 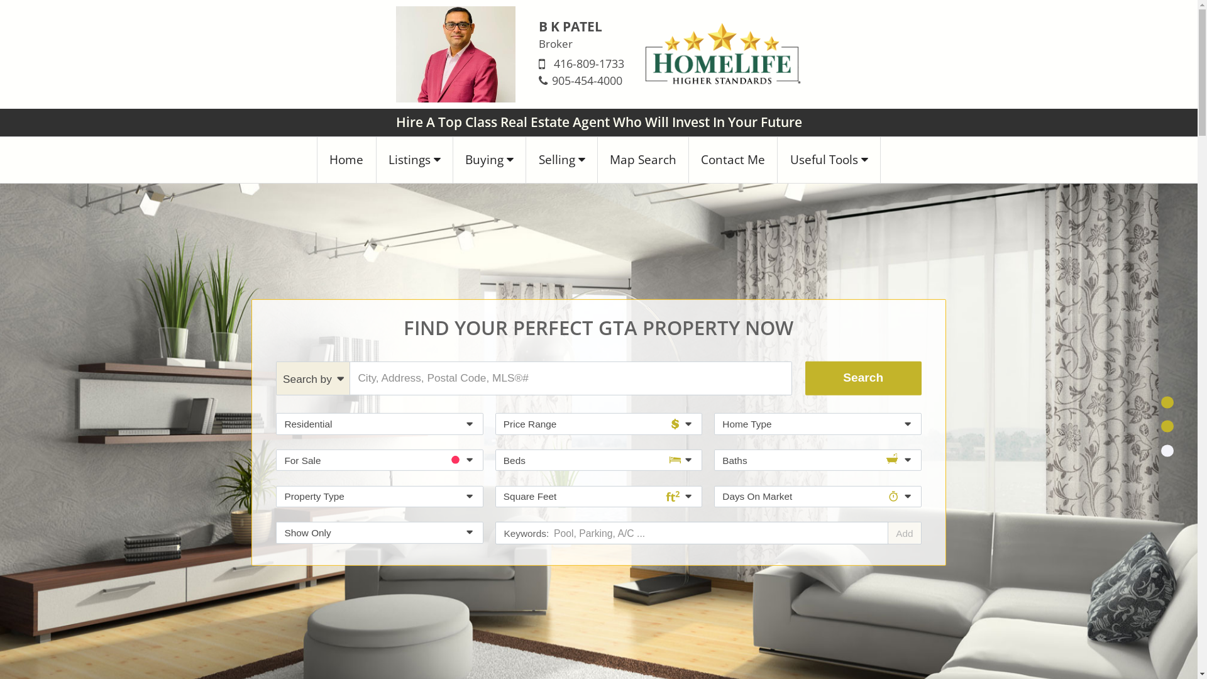 What do you see at coordinates (817, 424) in the screenshot?
I see `'Home Type'` at bounding box center [817, 424].